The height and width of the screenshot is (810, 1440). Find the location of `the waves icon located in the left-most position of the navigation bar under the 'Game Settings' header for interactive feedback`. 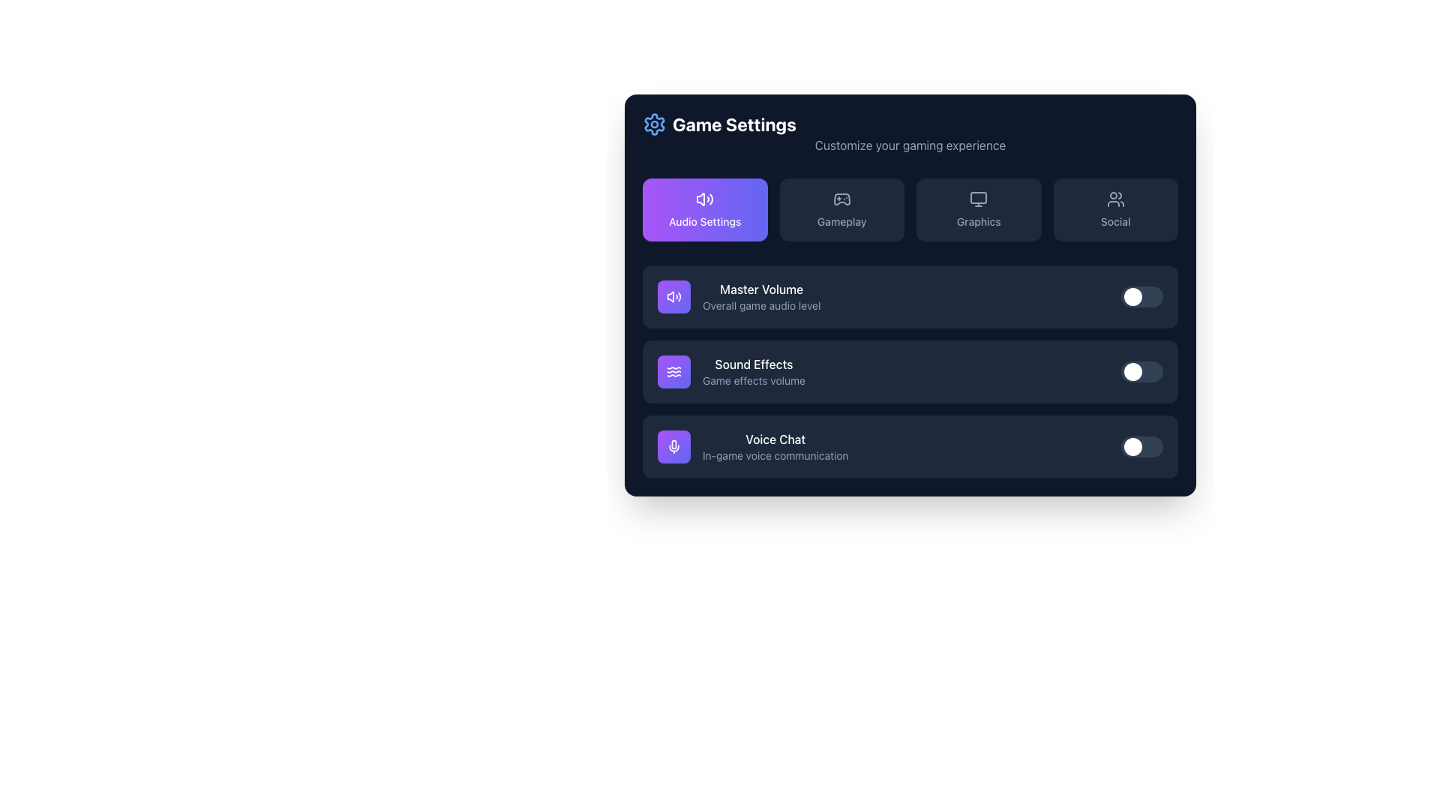

the waves icon located in the left-most position of the navigation bar under the 'Game Settings' header for interactive feedback is located at coordinates (673, 371).